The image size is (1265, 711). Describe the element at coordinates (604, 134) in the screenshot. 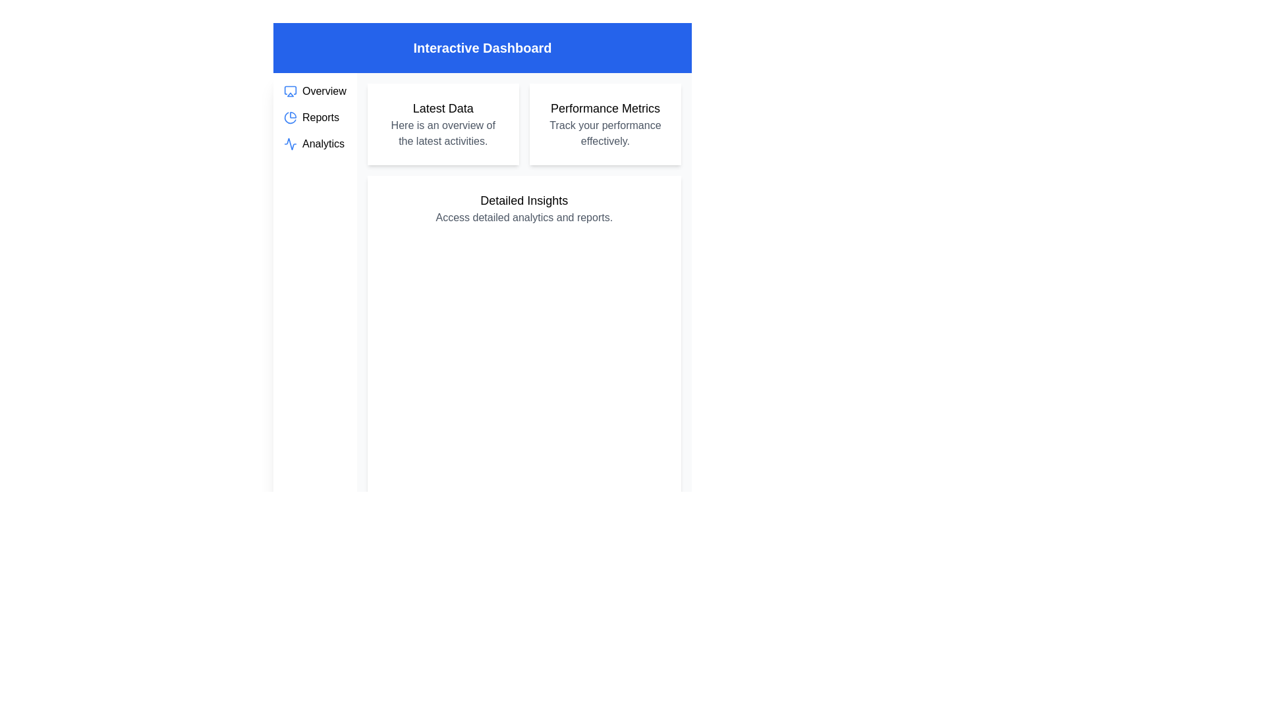

I see `the descriptive text element located under 'Performance Metrics' in the upper right section of the dashboard interface` at that location.